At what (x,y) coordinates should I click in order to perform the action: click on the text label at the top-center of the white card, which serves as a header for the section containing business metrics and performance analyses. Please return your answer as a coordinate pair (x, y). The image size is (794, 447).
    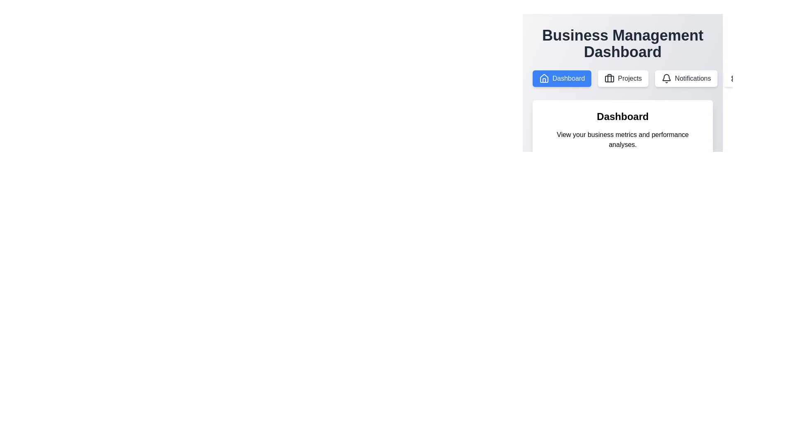
    Looking at the image, I should click on (623, 116).